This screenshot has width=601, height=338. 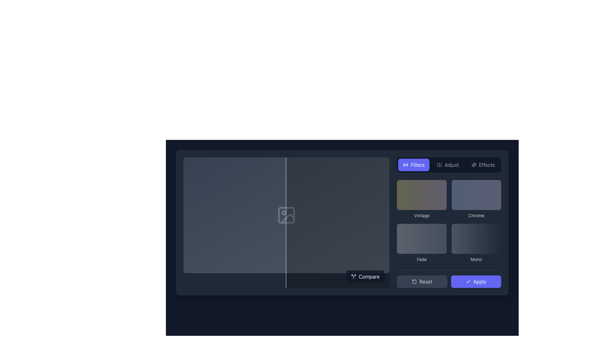 I want to click on the center of the grid layout for filter selection, so click(x=449, y=221).